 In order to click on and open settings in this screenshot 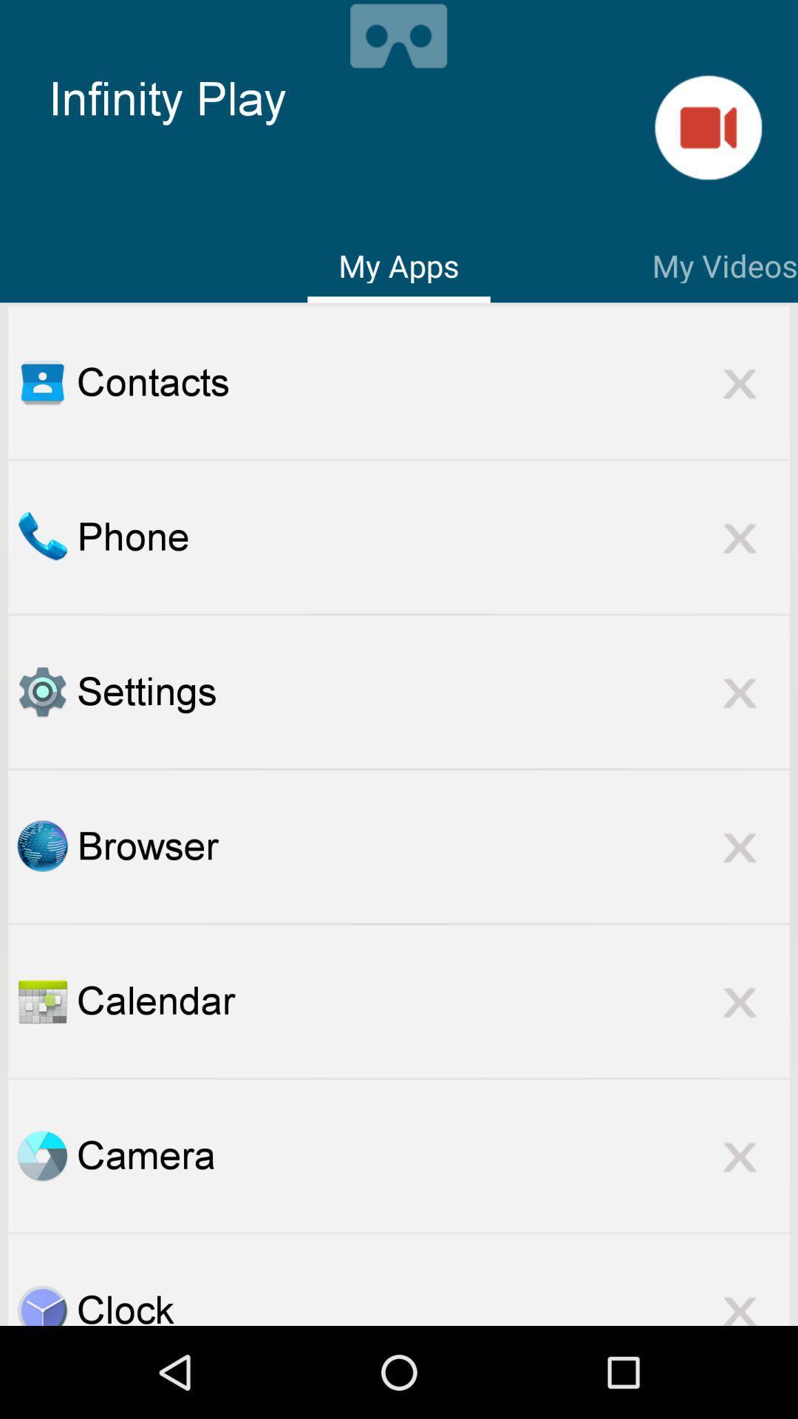, I will do `click(41, 691)`.